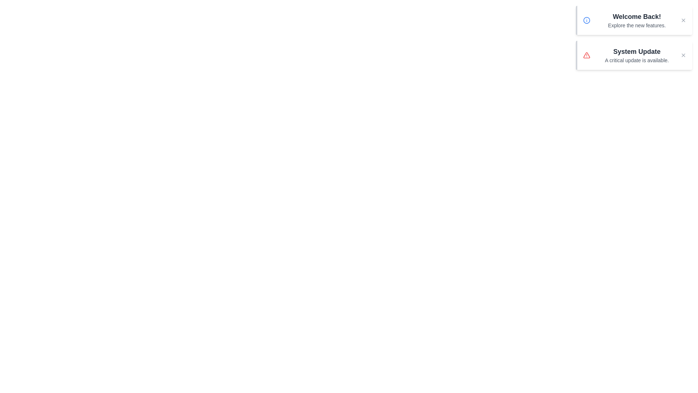 The height and width of the screenshot is (393, 698). What do you see at coordinates (633, 20) in the screenshot?
I see `the notification with title Welcome Back!` at bounding box center [633, 20].